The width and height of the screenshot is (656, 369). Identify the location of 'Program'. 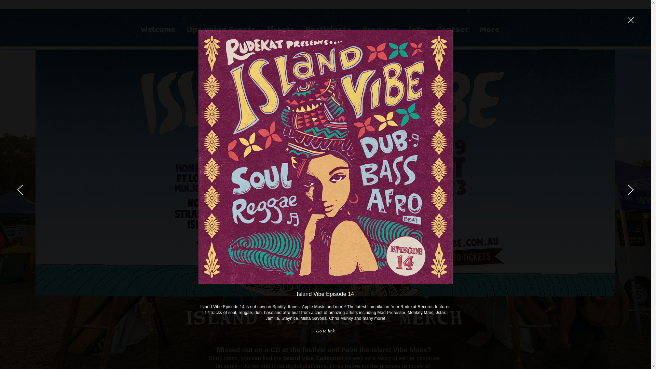
(379, 29).